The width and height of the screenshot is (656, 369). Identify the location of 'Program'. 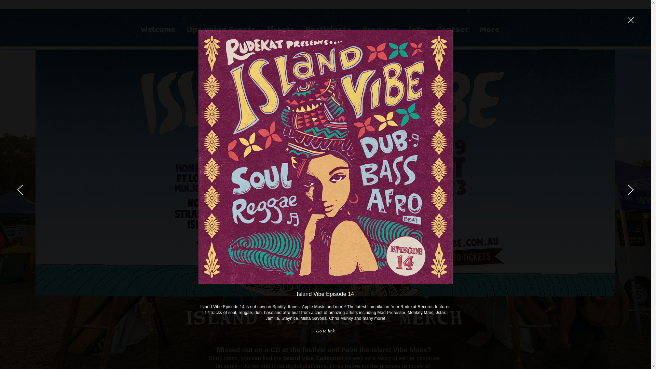
(379, 29).